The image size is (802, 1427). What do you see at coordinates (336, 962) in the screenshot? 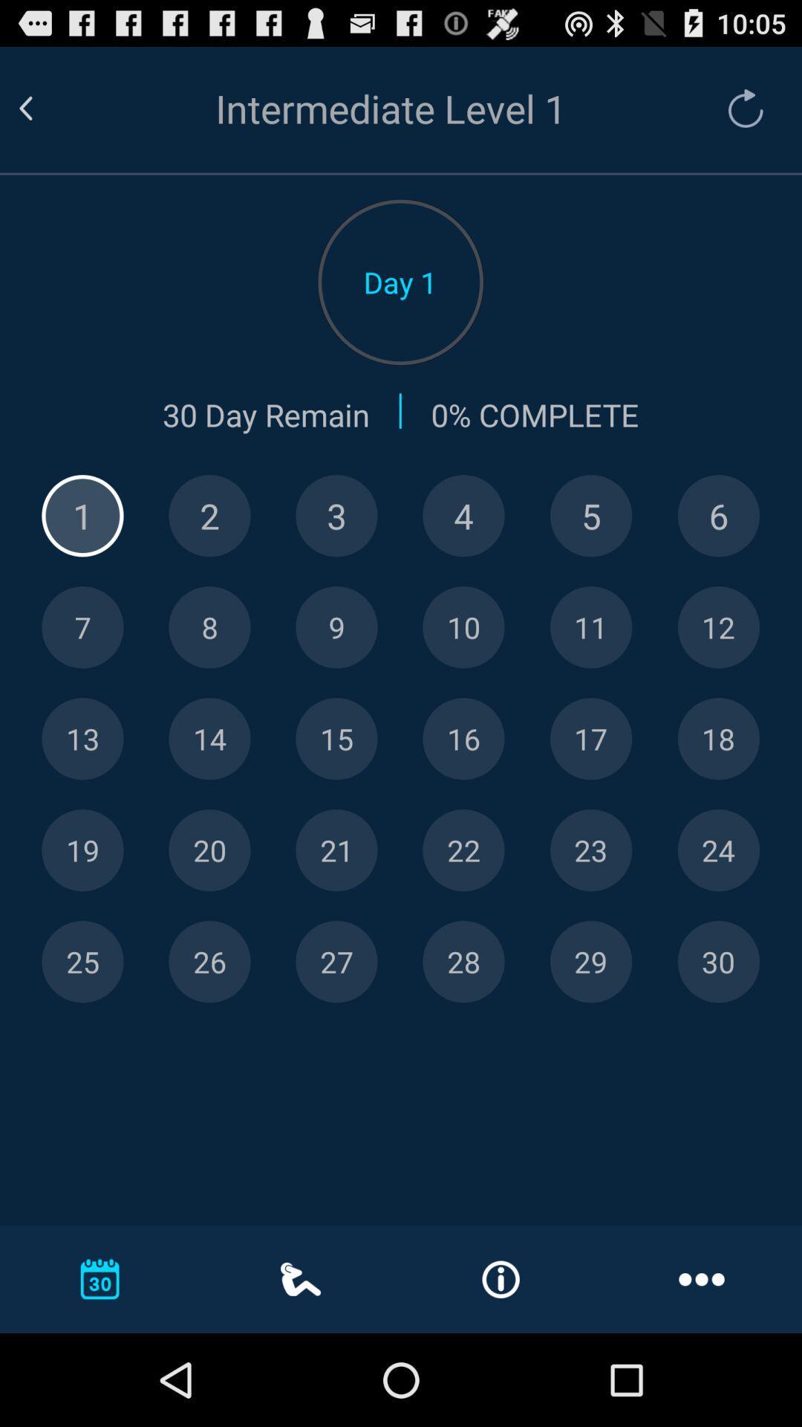
I see `day 27` at bounding box center [336, 962].